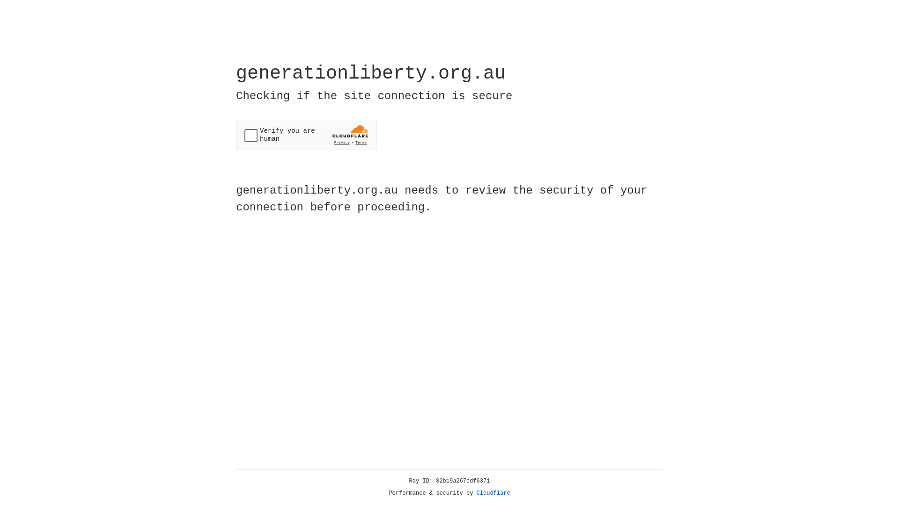 The height and width of the screenshot is (505, 899). I want to click on 'Widget containing a Cloudflare security challenge', so click(306, 135).